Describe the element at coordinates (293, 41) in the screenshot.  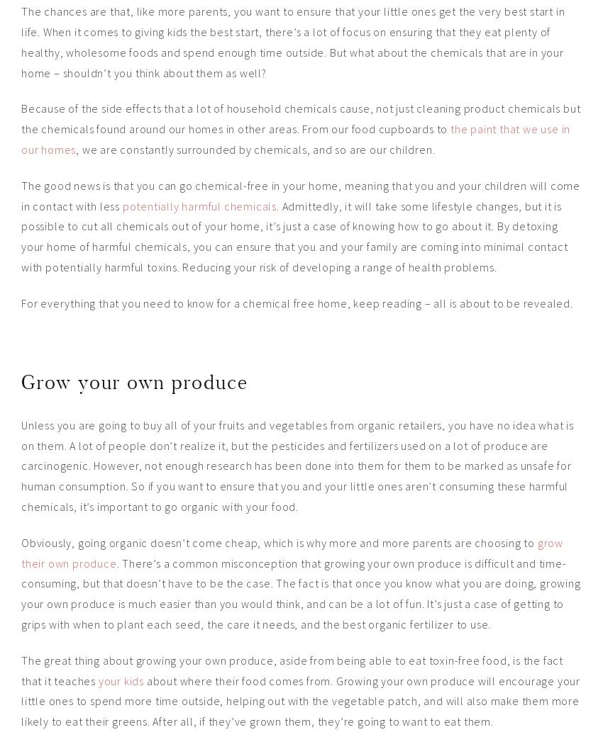
I see `'The chances are that, like more parents, you want to ensure that your little ones get the very best start in life. When it comes to giving kids the best start, there’s a lot of focus on ensuring that they eat plenty of healthy, wholesome foods and spend enough time outside. But what about the chemicals that are in your home – shouldn’t you think about them as well?'` at that location.